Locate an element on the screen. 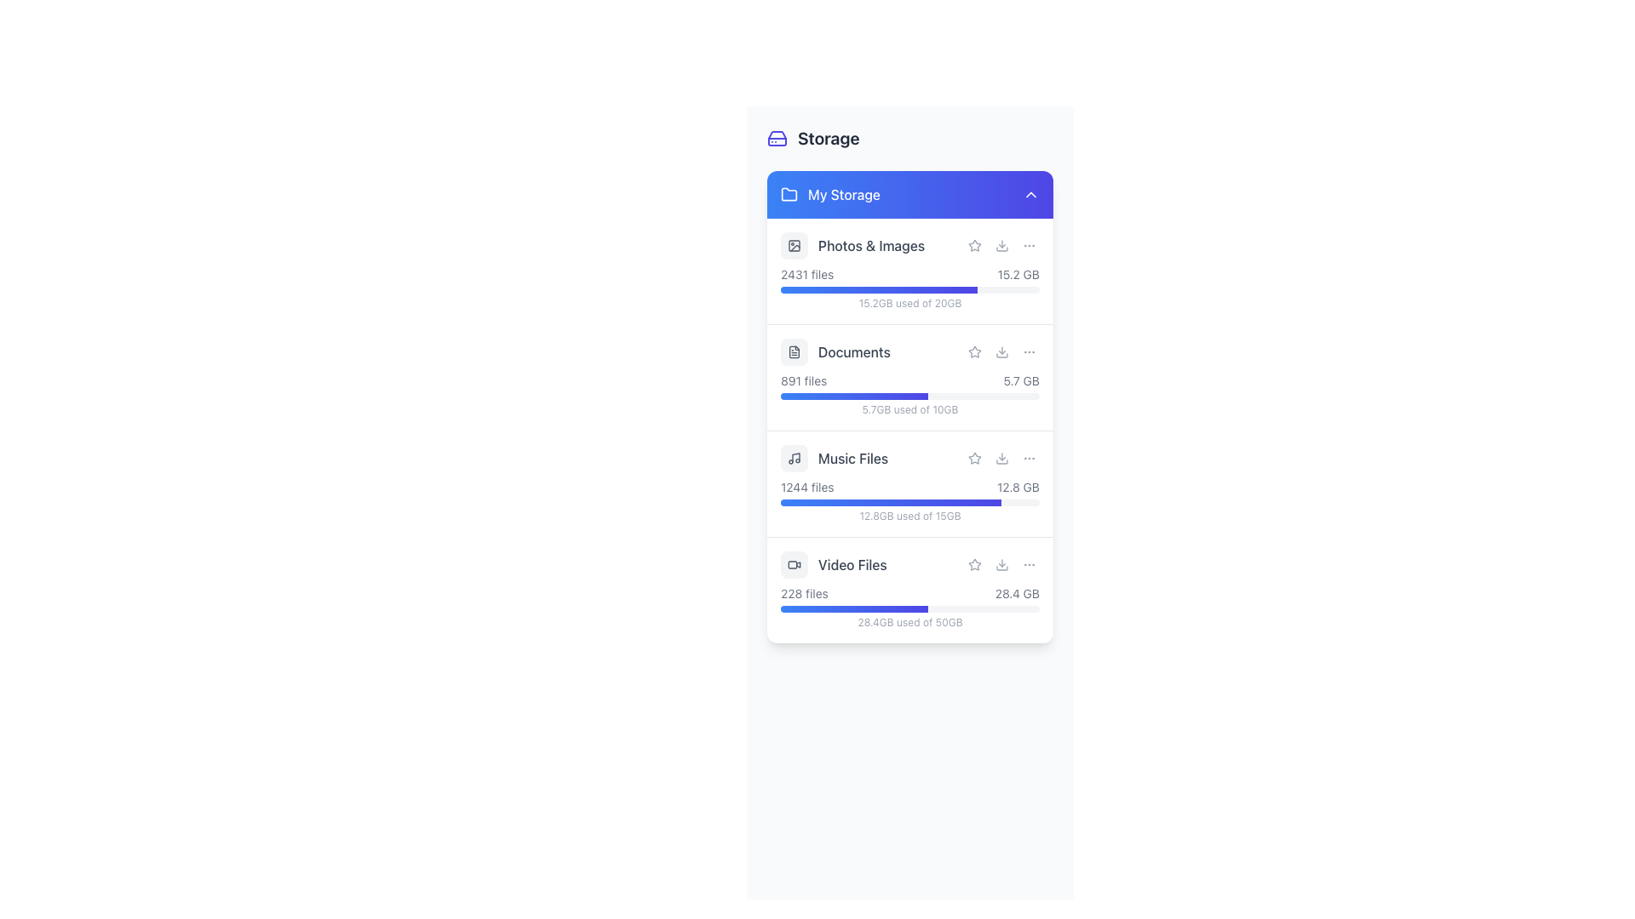  the star icon button used for marking items as favorites, located in the 'My Storage' section, aligned with the 'Documents' row is located at coordinates (975, 351).